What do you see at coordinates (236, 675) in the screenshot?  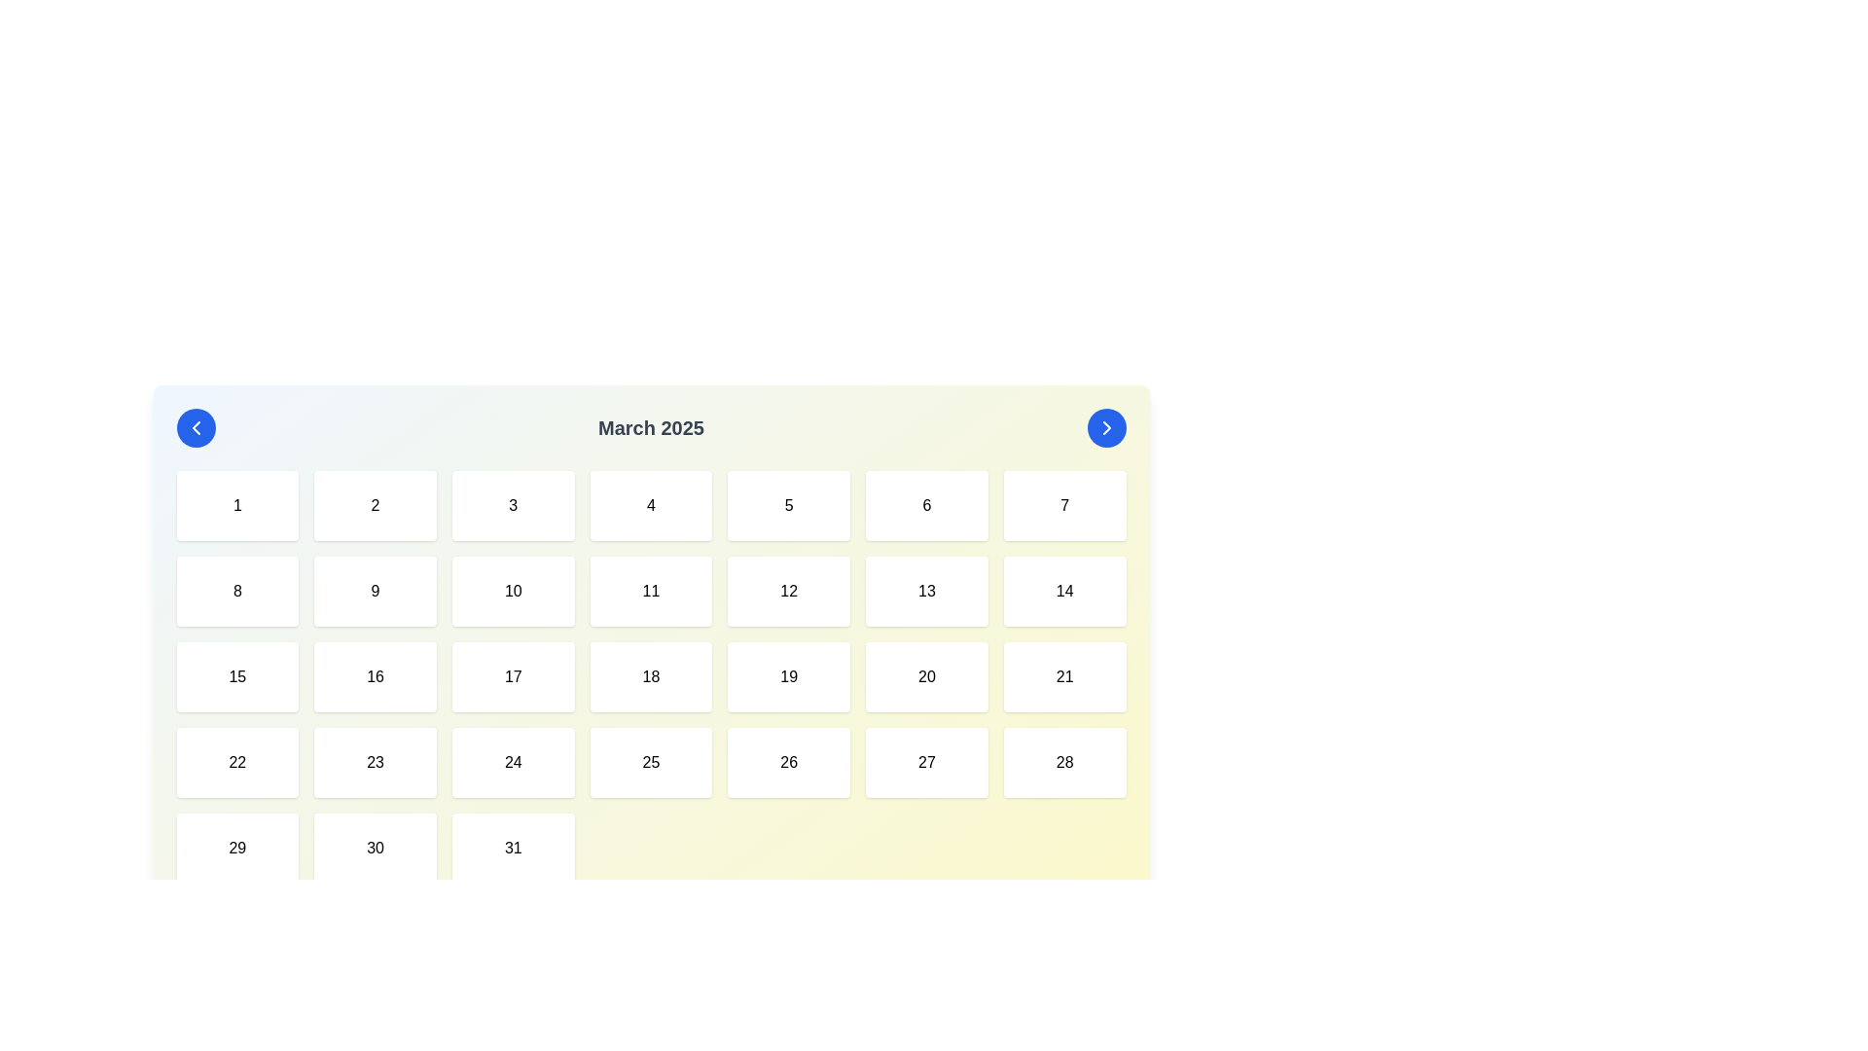 I see `the calendar day marker representing the 15th day of the month` at bounding box center [236, 675].